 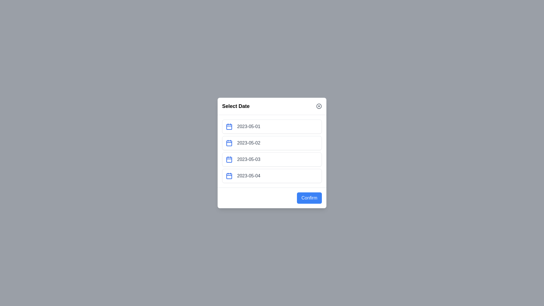 I want to click on the date 2023-05-04 from the list, so click(x=272, y=176).